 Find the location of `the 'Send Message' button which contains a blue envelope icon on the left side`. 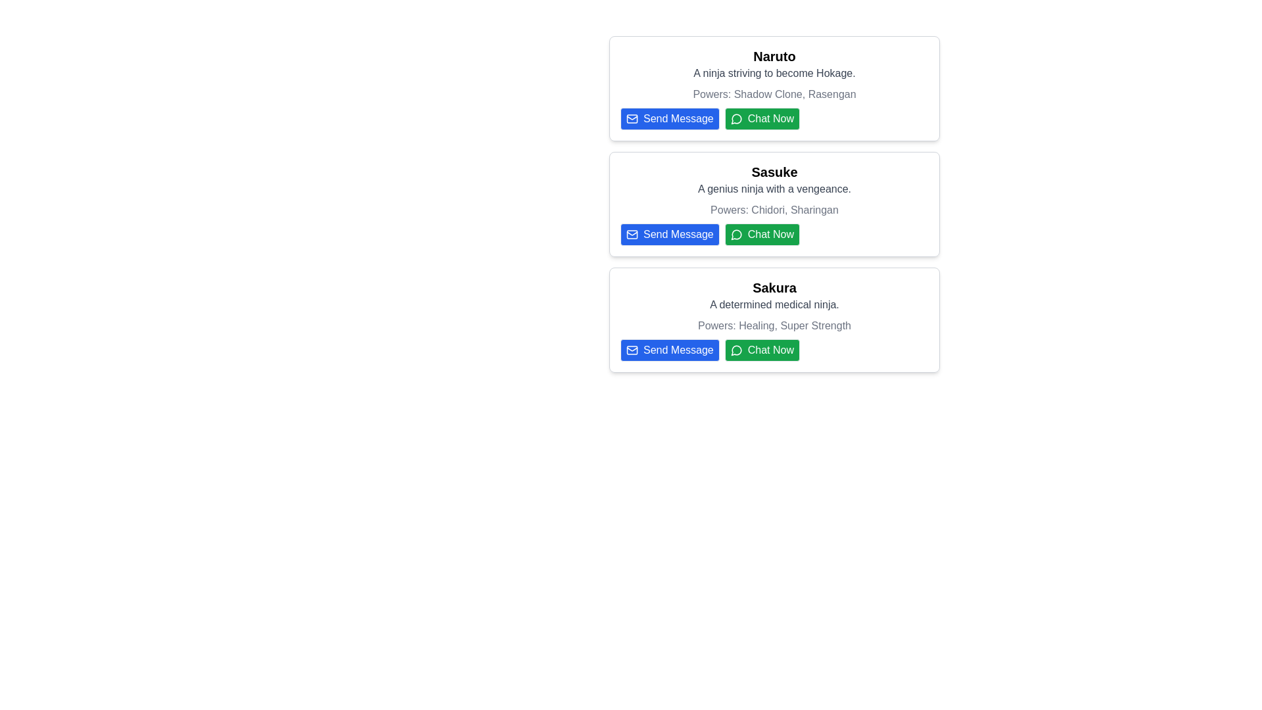

the 'Send Message' button which contains a blue envelope icon on the left side is located at coordinates (632, 349).